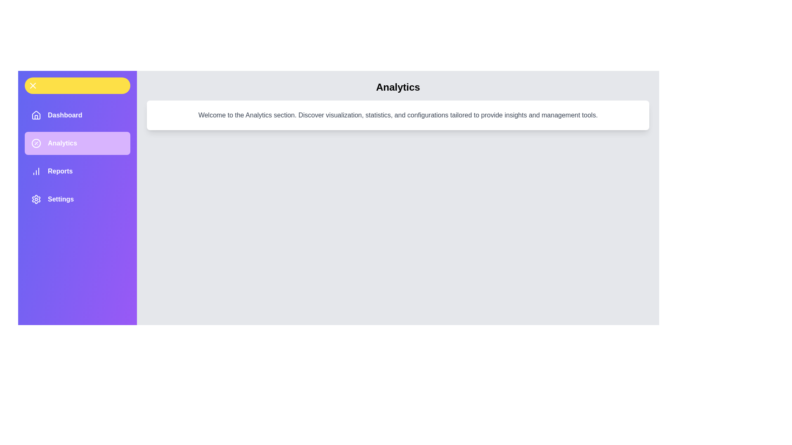  What do you see at coordinates (77, 115) in the screenshot?
I see `the menu item labeled Dashboard to navigate to the corresponding section` at bounding box center [77, 115].